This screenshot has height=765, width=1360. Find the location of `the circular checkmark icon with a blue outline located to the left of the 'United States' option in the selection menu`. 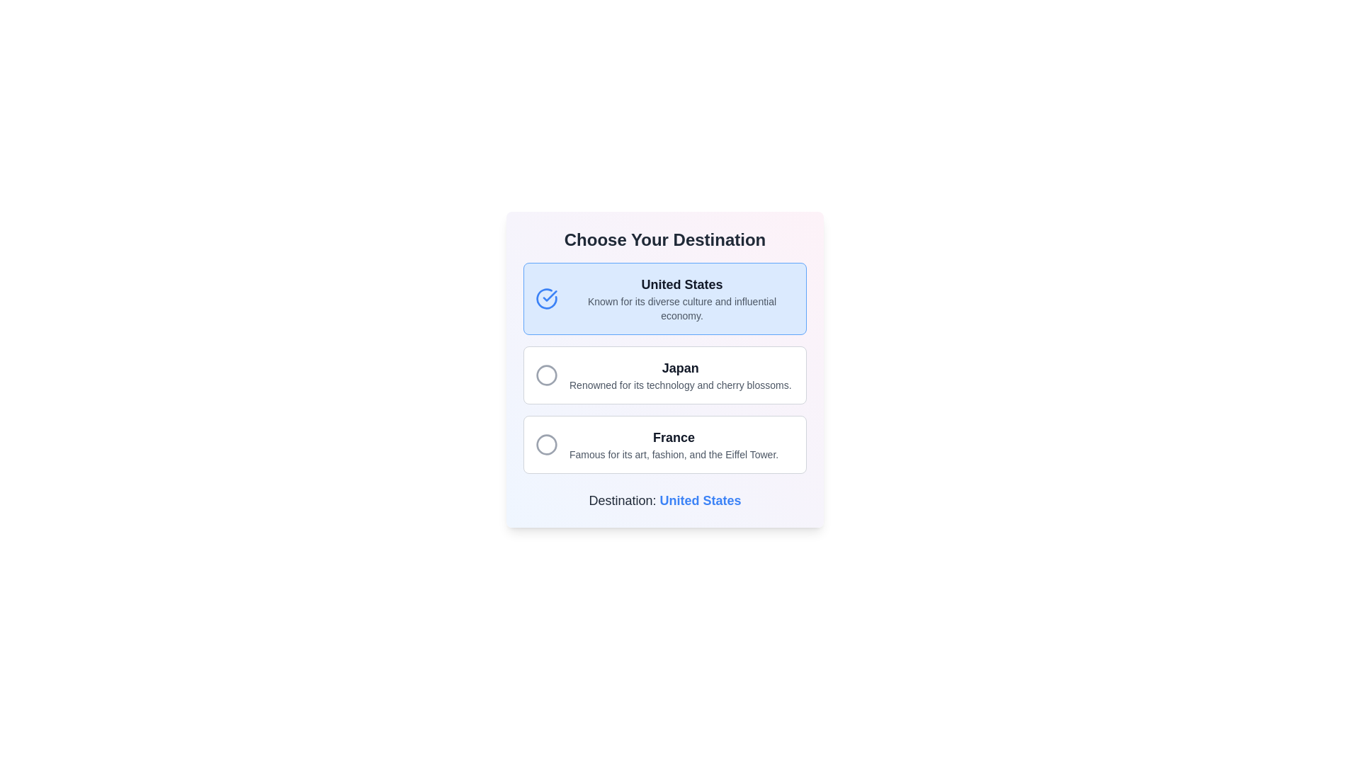

the circular checkmark icon with a blue outline located to the left of the 'United States' option in the selection menu is located at coordinates (551, 297).